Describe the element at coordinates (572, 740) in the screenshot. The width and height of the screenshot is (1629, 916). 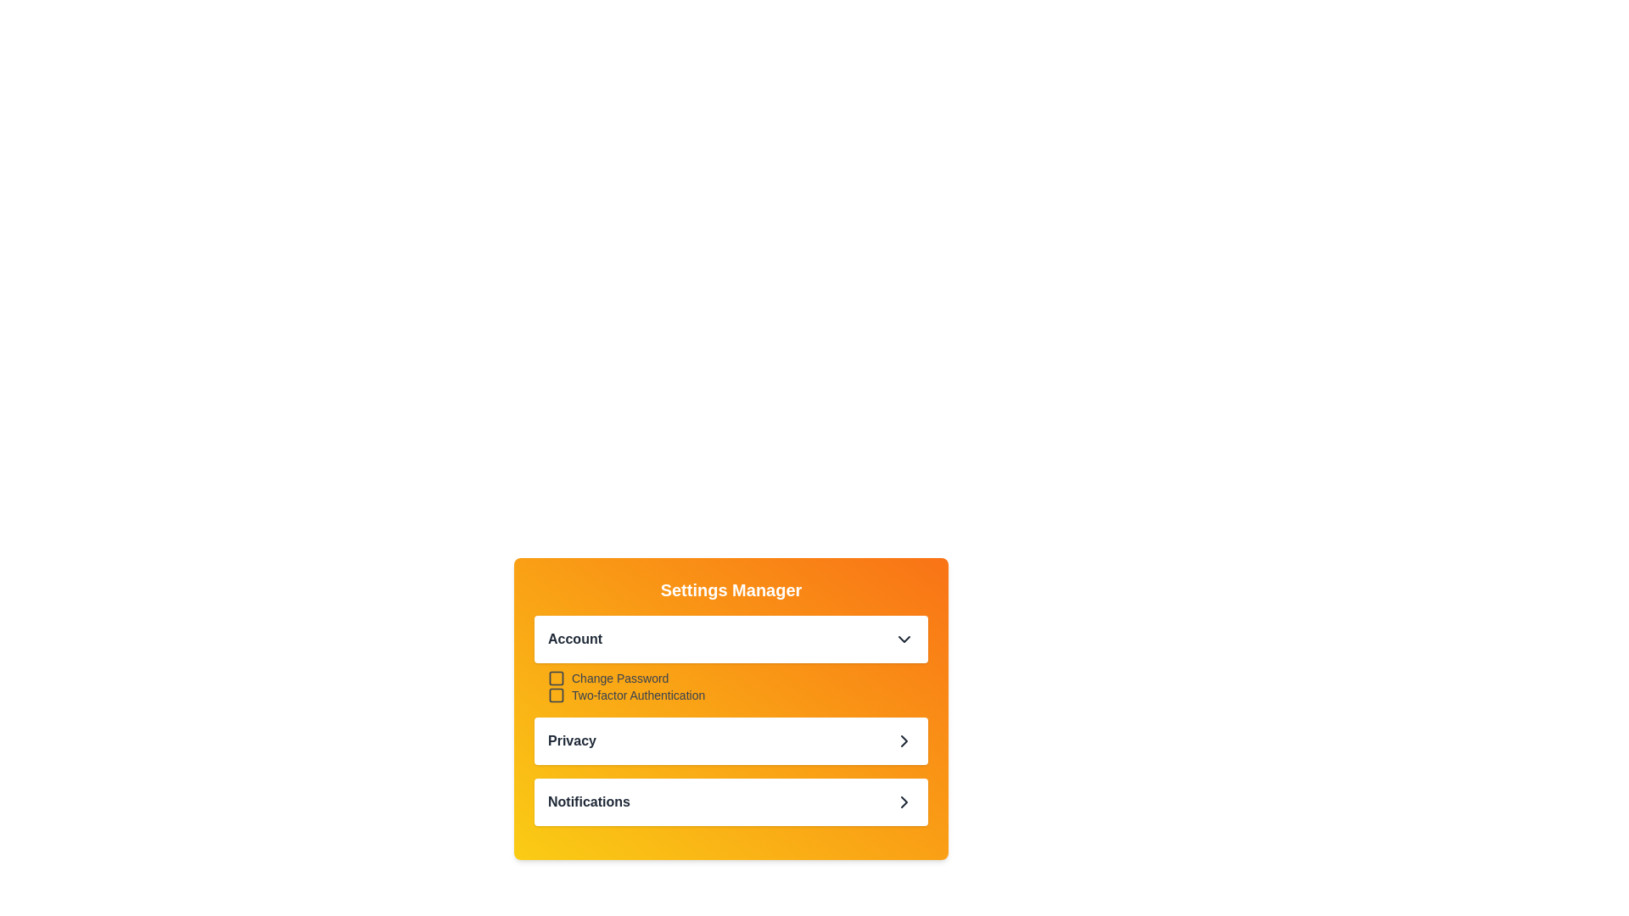
I see `the bolded 'Privacy' label in the Settings Manager section, positioned between 'Account' and 'Notifications'` at that location.